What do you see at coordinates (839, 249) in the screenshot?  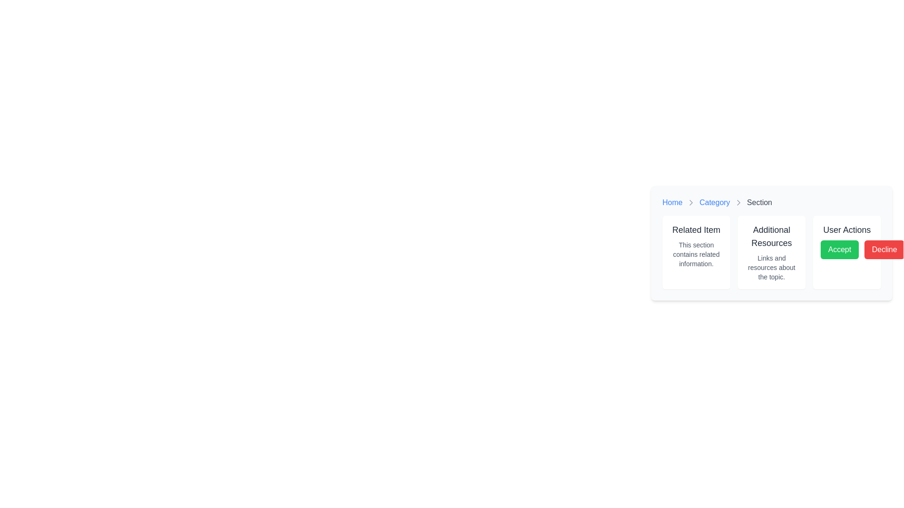 I see `the 'Accept' button located within the 'User Actions' button group` at bounding box center [839, 249].